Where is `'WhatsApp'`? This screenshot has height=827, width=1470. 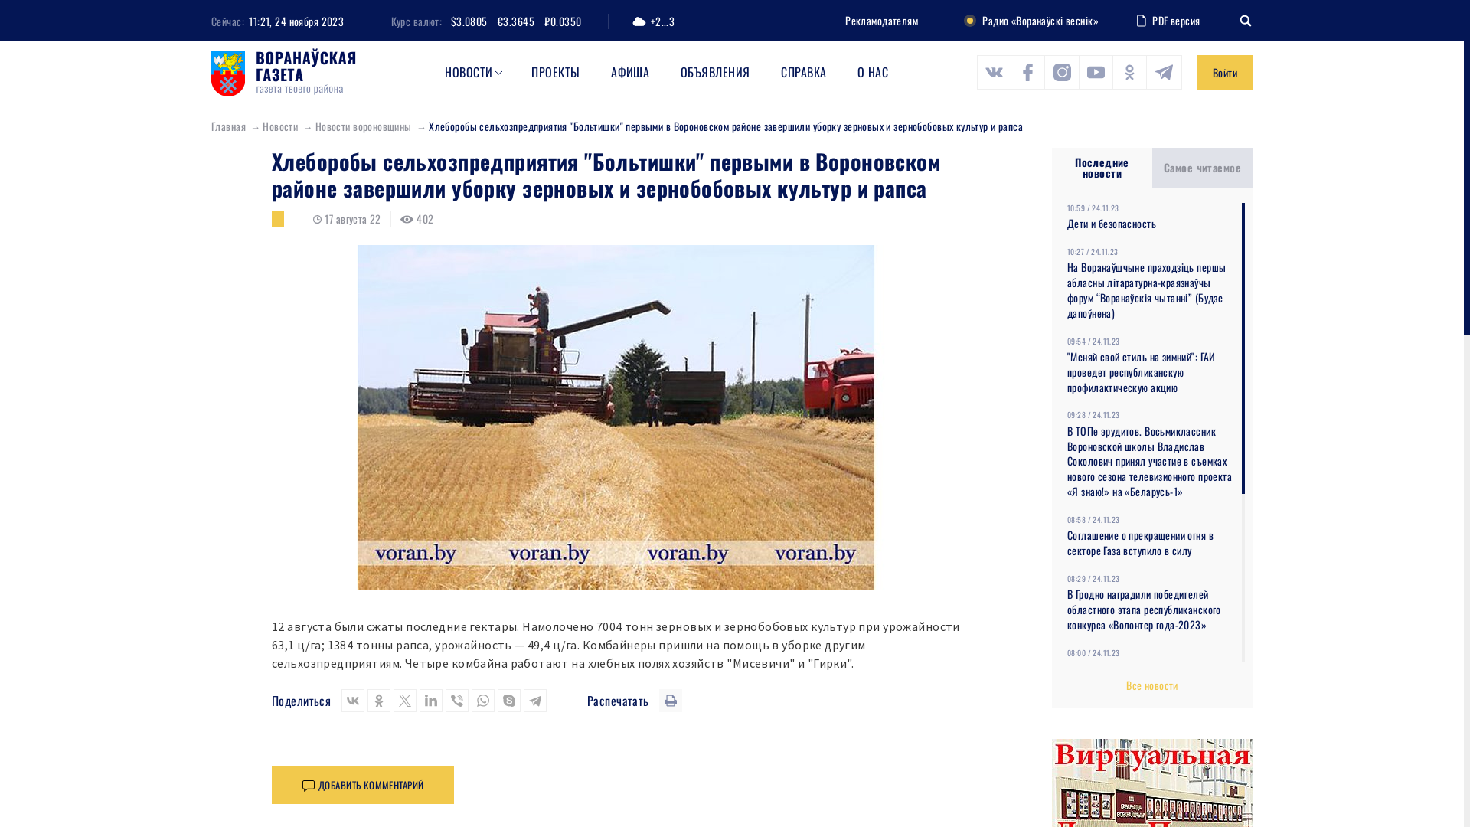 'WhatsApp' is located at coordinates (482, 700).